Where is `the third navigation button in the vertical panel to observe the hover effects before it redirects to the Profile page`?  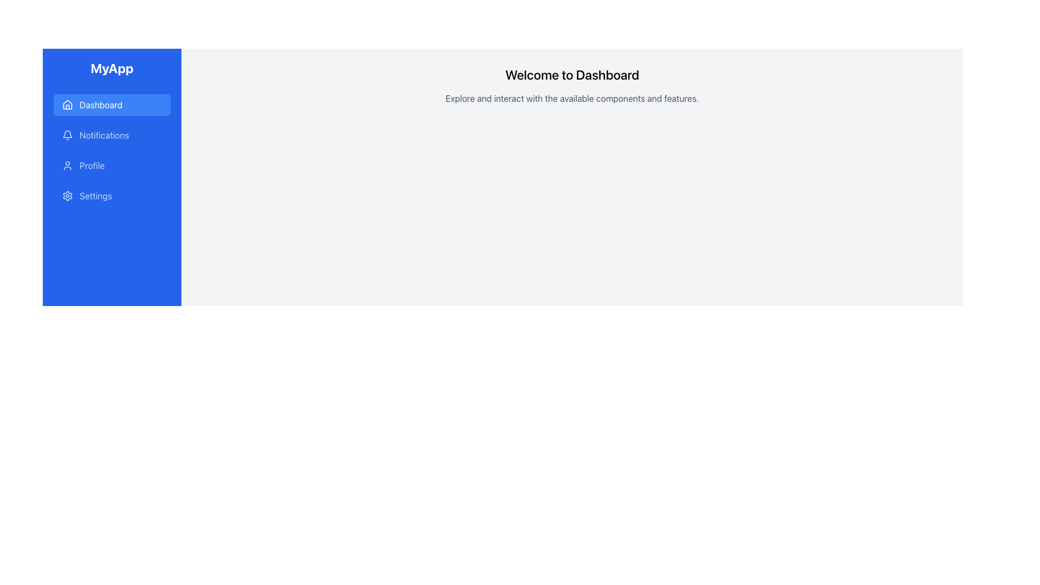 the third navigation button in the vertical panel to observe the hover effects before it redirects to the Profile page is located at coordinates (112, 165).